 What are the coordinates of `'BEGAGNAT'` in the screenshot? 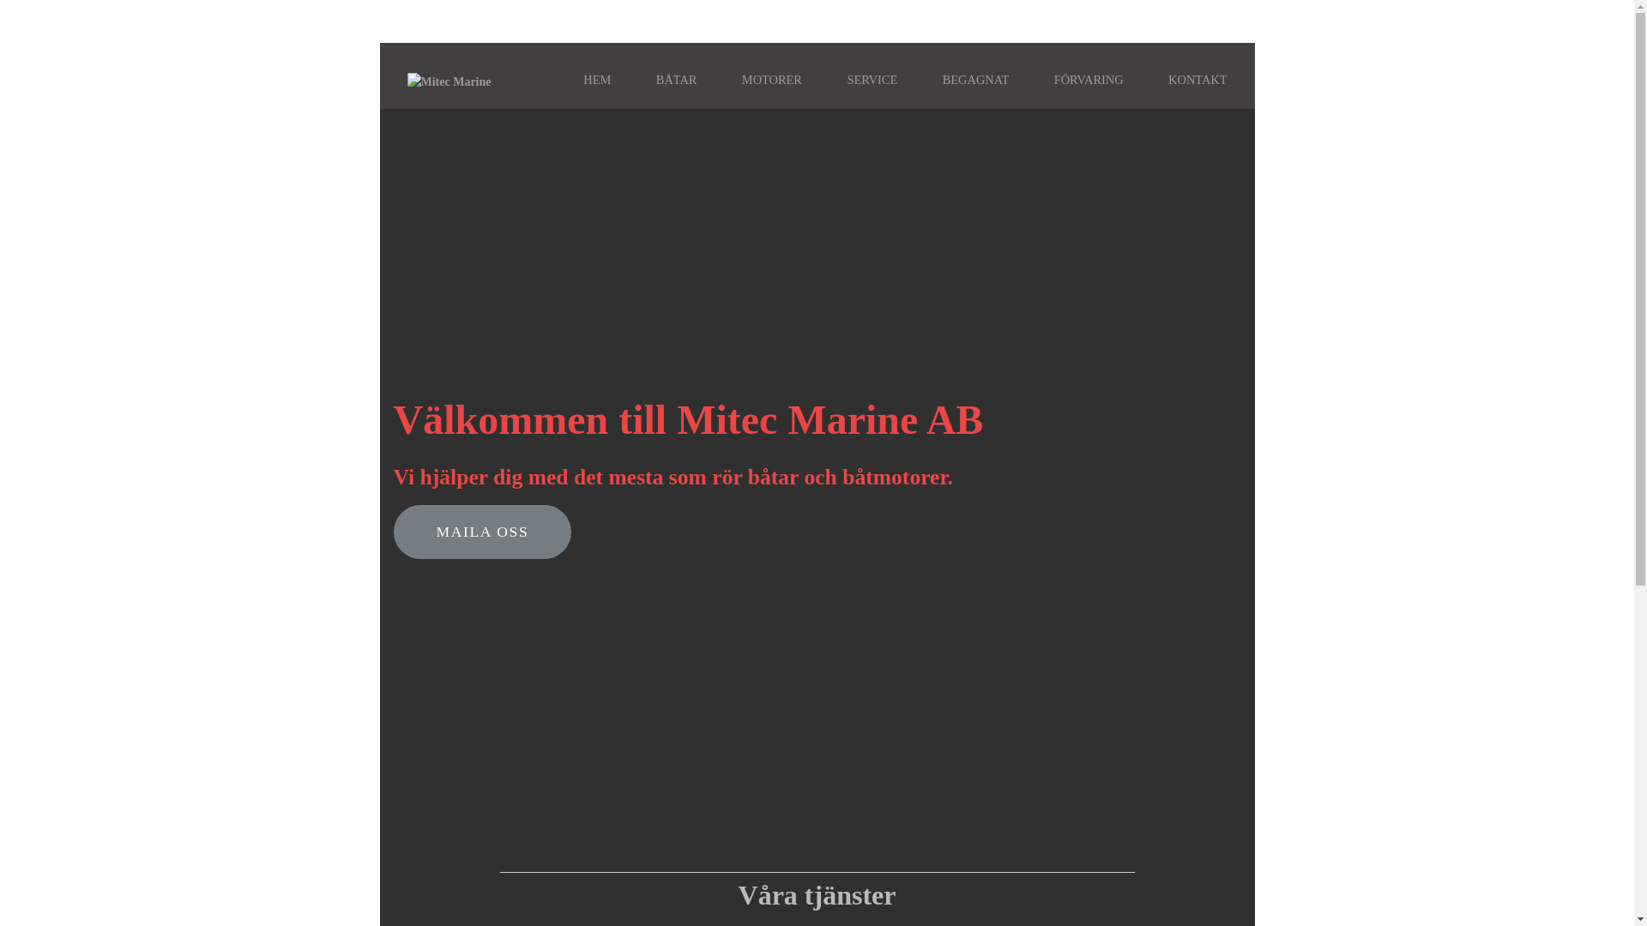 It's located at (975, 79).